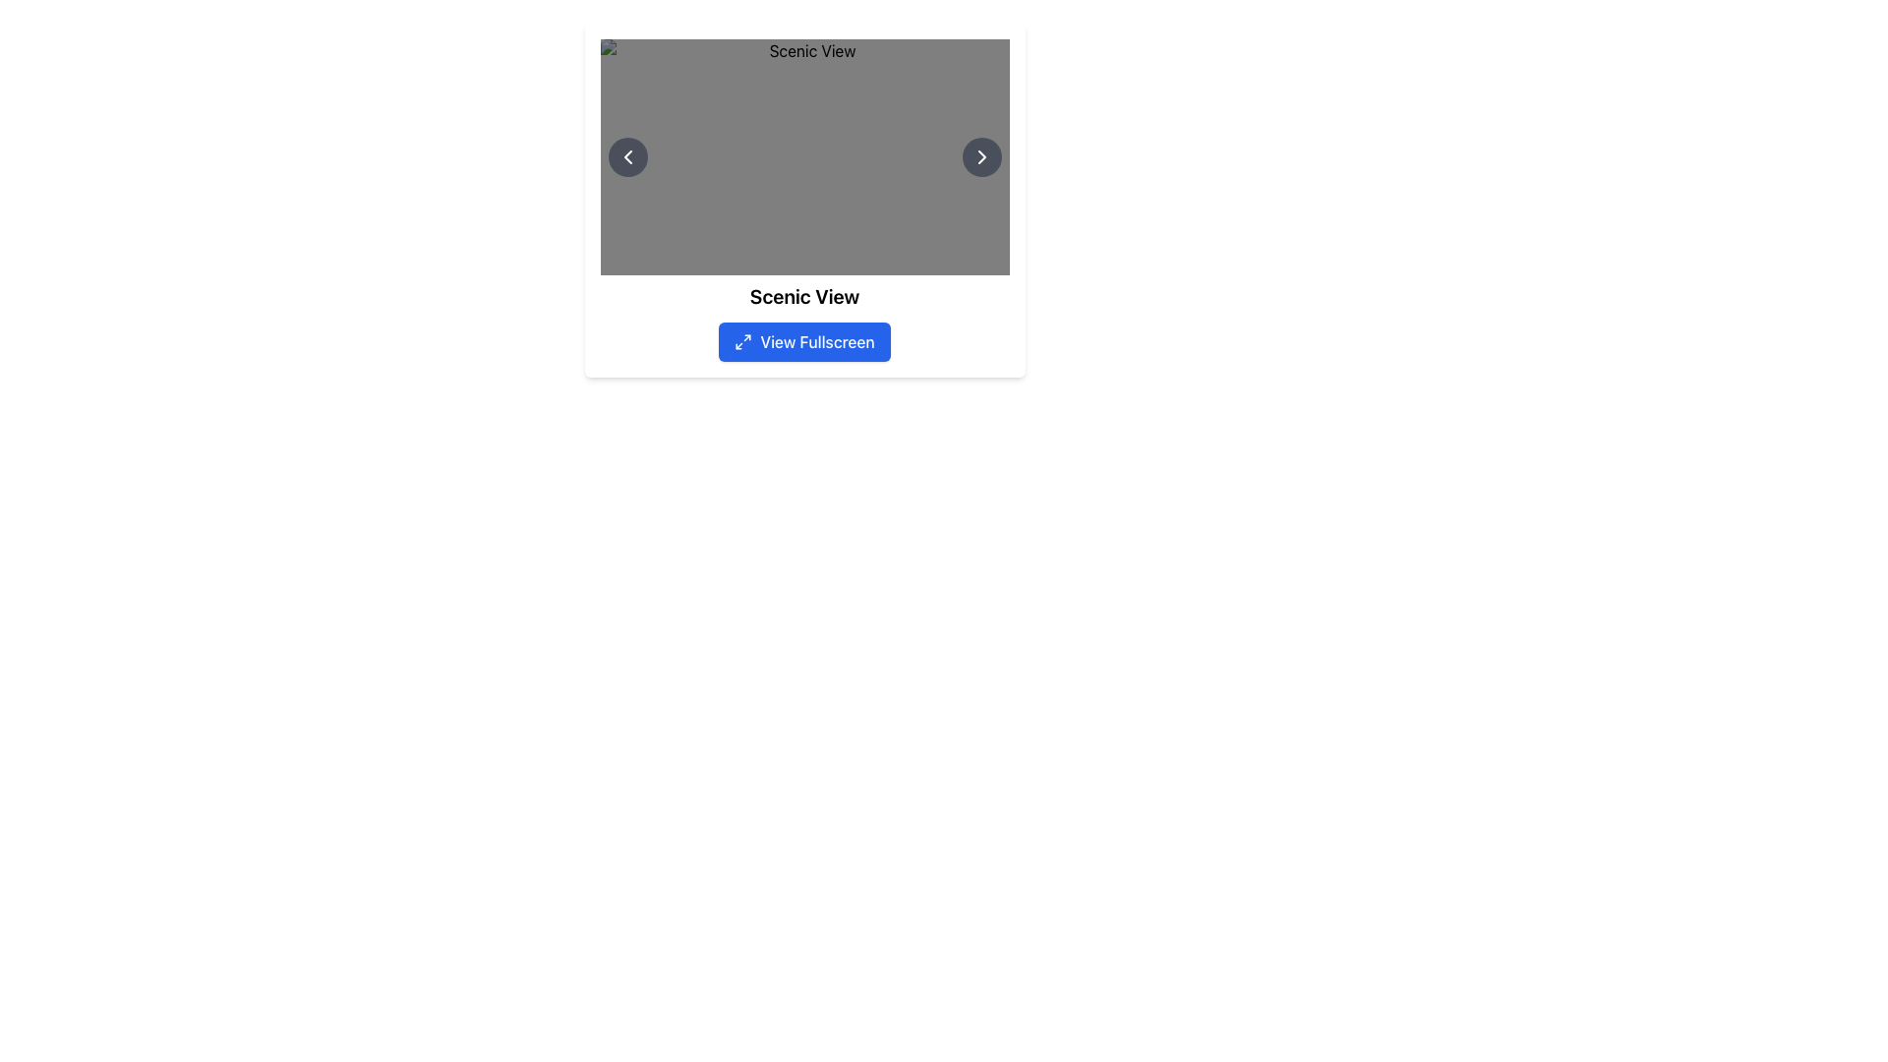 The height and width of the screenshot is (1062, 1888). Describe the element at coordinates (626, 155) in the screenshot. I see `the left-facing chevron icon located within the circular button at the top-left side of the carousel` at that location.